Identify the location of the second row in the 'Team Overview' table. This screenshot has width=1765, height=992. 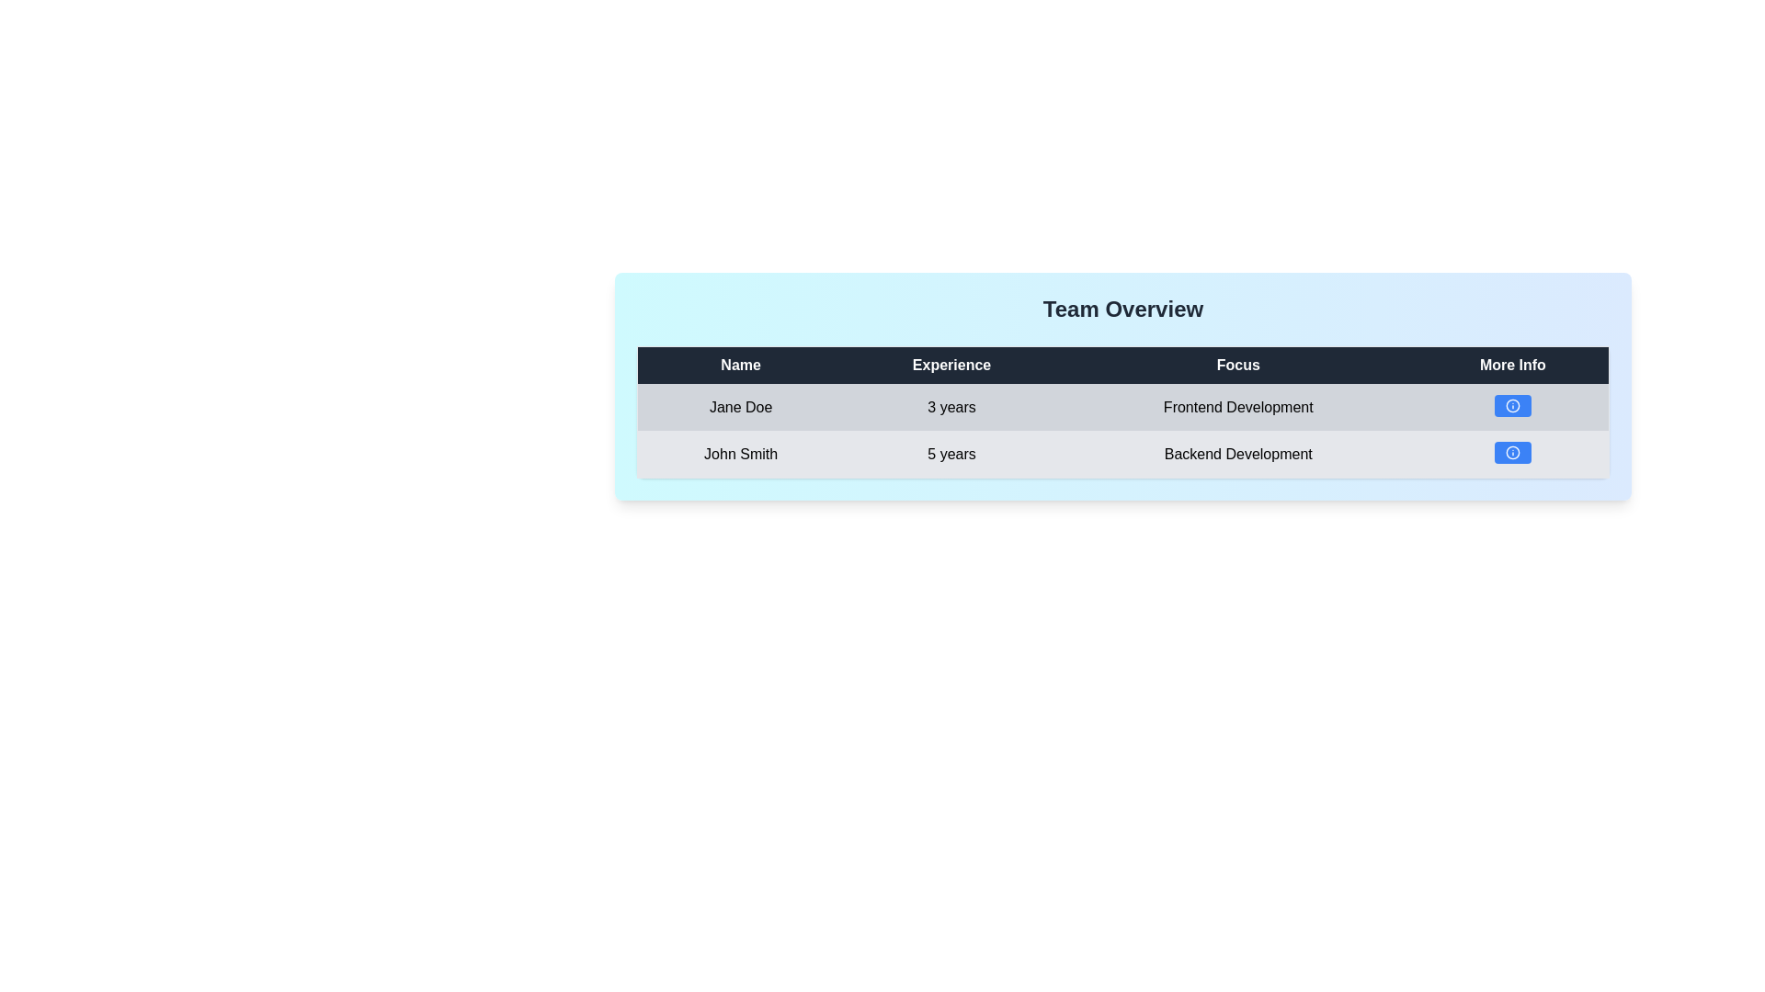
(1122, 453).